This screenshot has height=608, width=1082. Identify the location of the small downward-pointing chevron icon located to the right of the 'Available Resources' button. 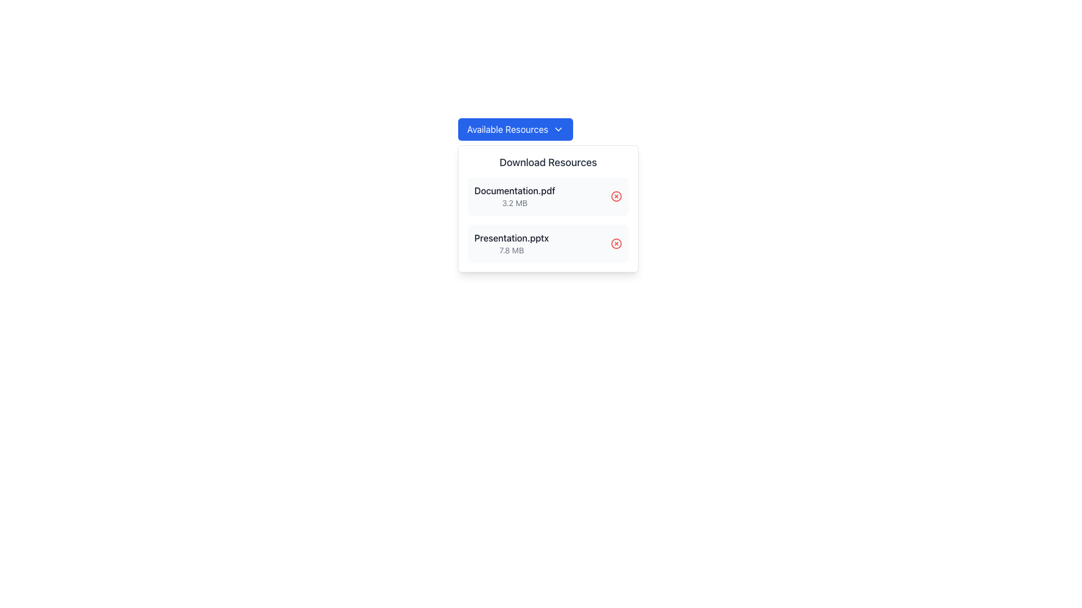
(558, 129).